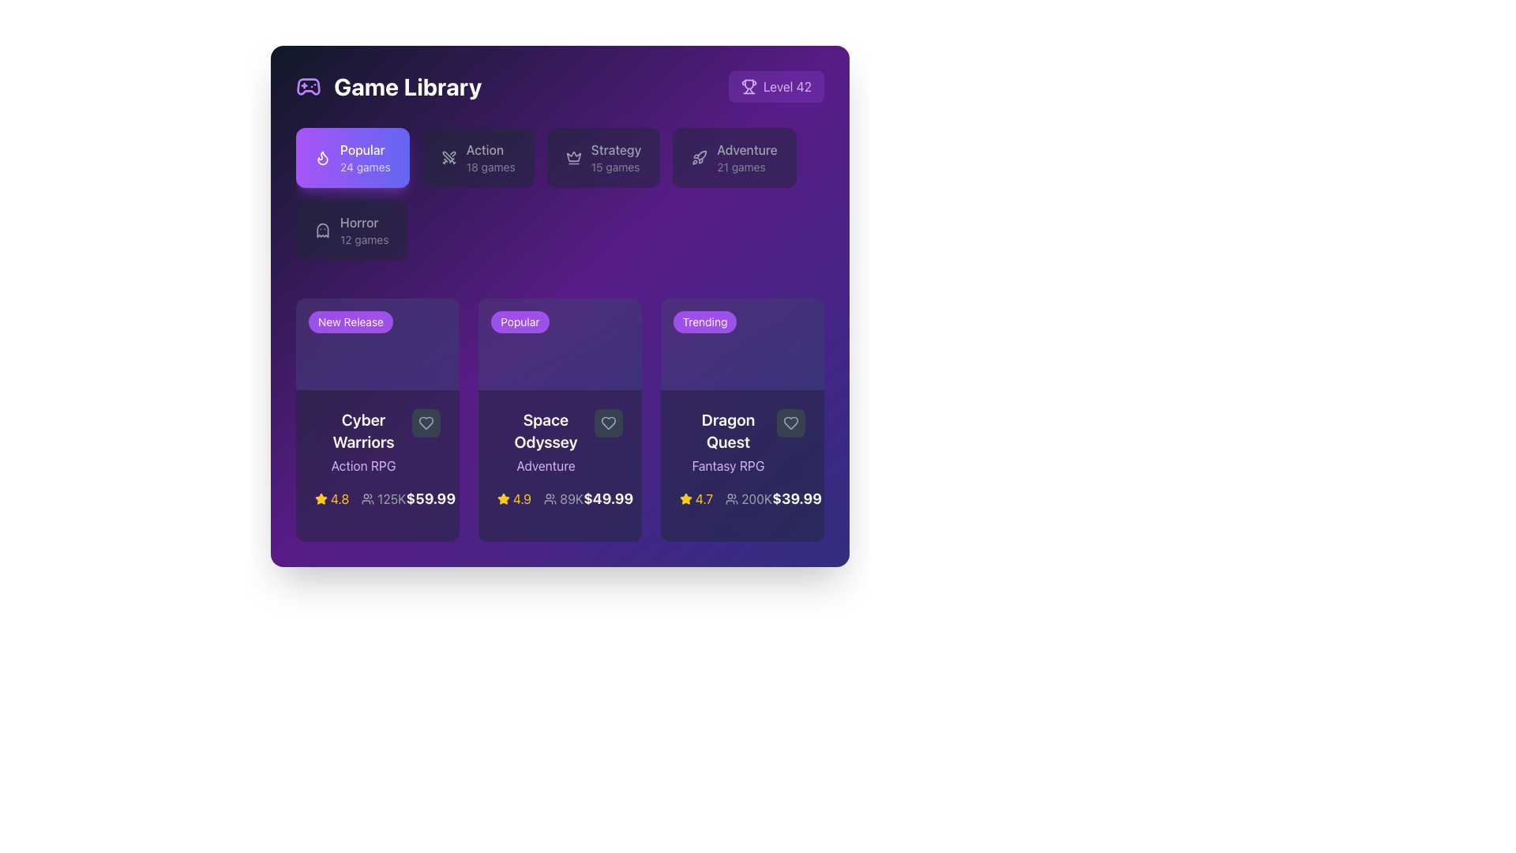 The width and height of the screenshot is (1516, 853). What do you see at coordinates (550, 499) in the screenshot?
I see `the ratings icon located in the 'Popular' game card, positioned left of the text '89K' near the bottom left corner of the card` at bounding box center [550, 499].